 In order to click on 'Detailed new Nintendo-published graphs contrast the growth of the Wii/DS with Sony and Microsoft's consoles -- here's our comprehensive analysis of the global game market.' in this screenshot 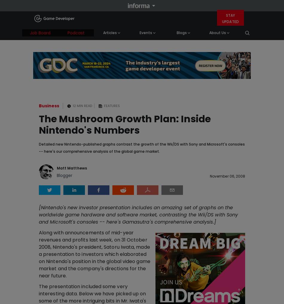, I will do `click(141, 147)`.